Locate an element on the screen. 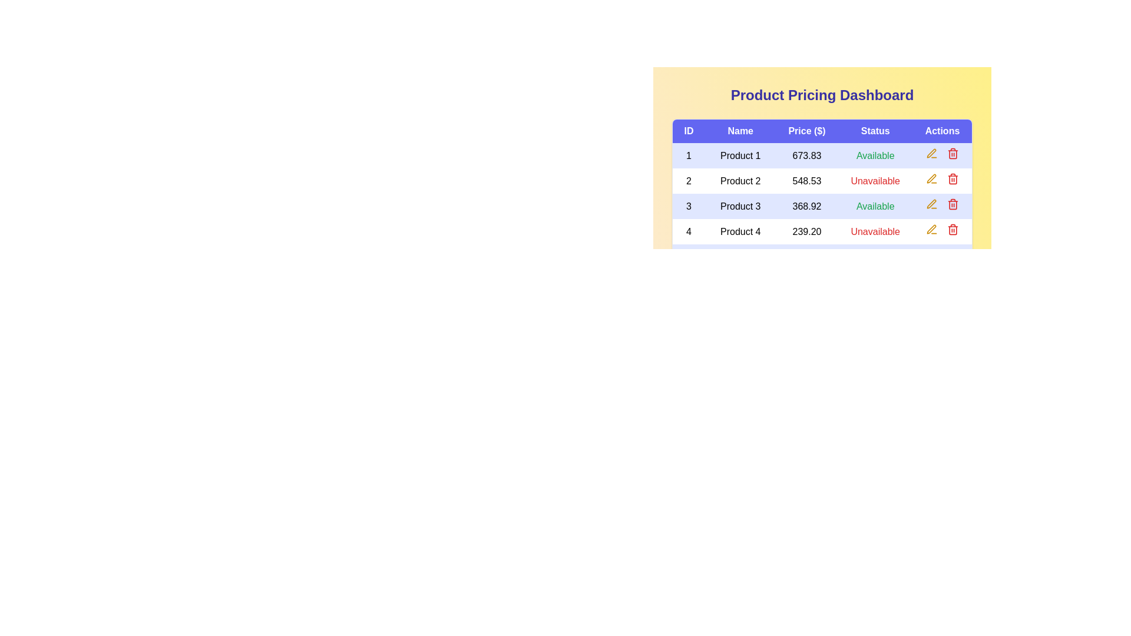  the 'Edit' button for product 3 is located at coordinates (931, 204).